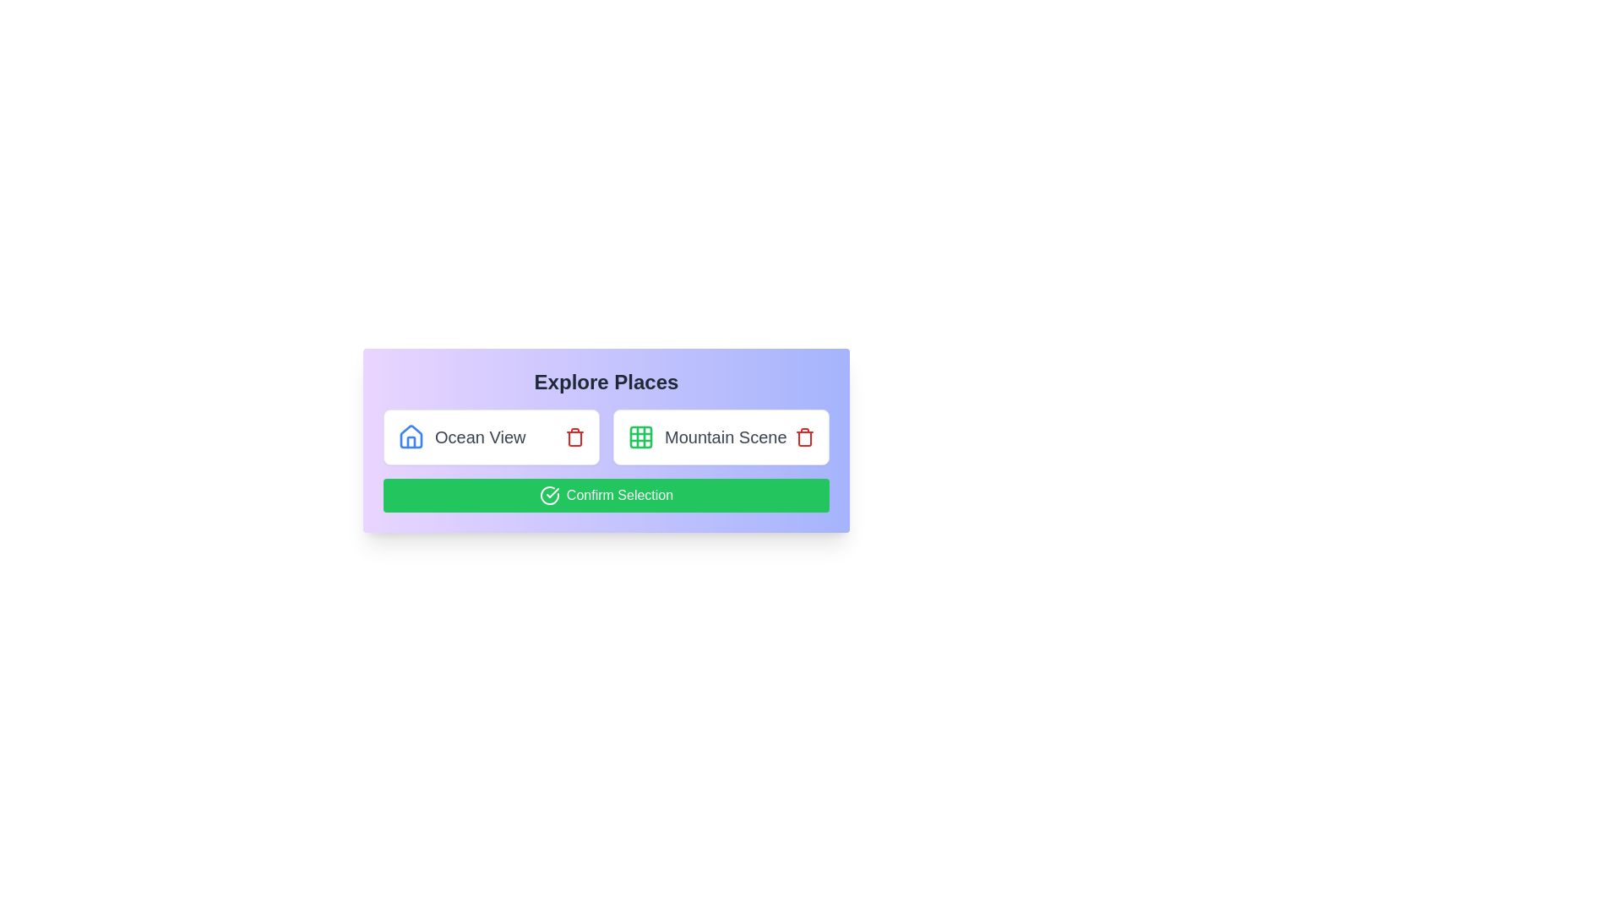 This screenshot has height=912, width=1622. Describe the element at coordinates (607, 436) in the screenshot. I see `the selection menu section under the title 'Explore Places'` at that location.